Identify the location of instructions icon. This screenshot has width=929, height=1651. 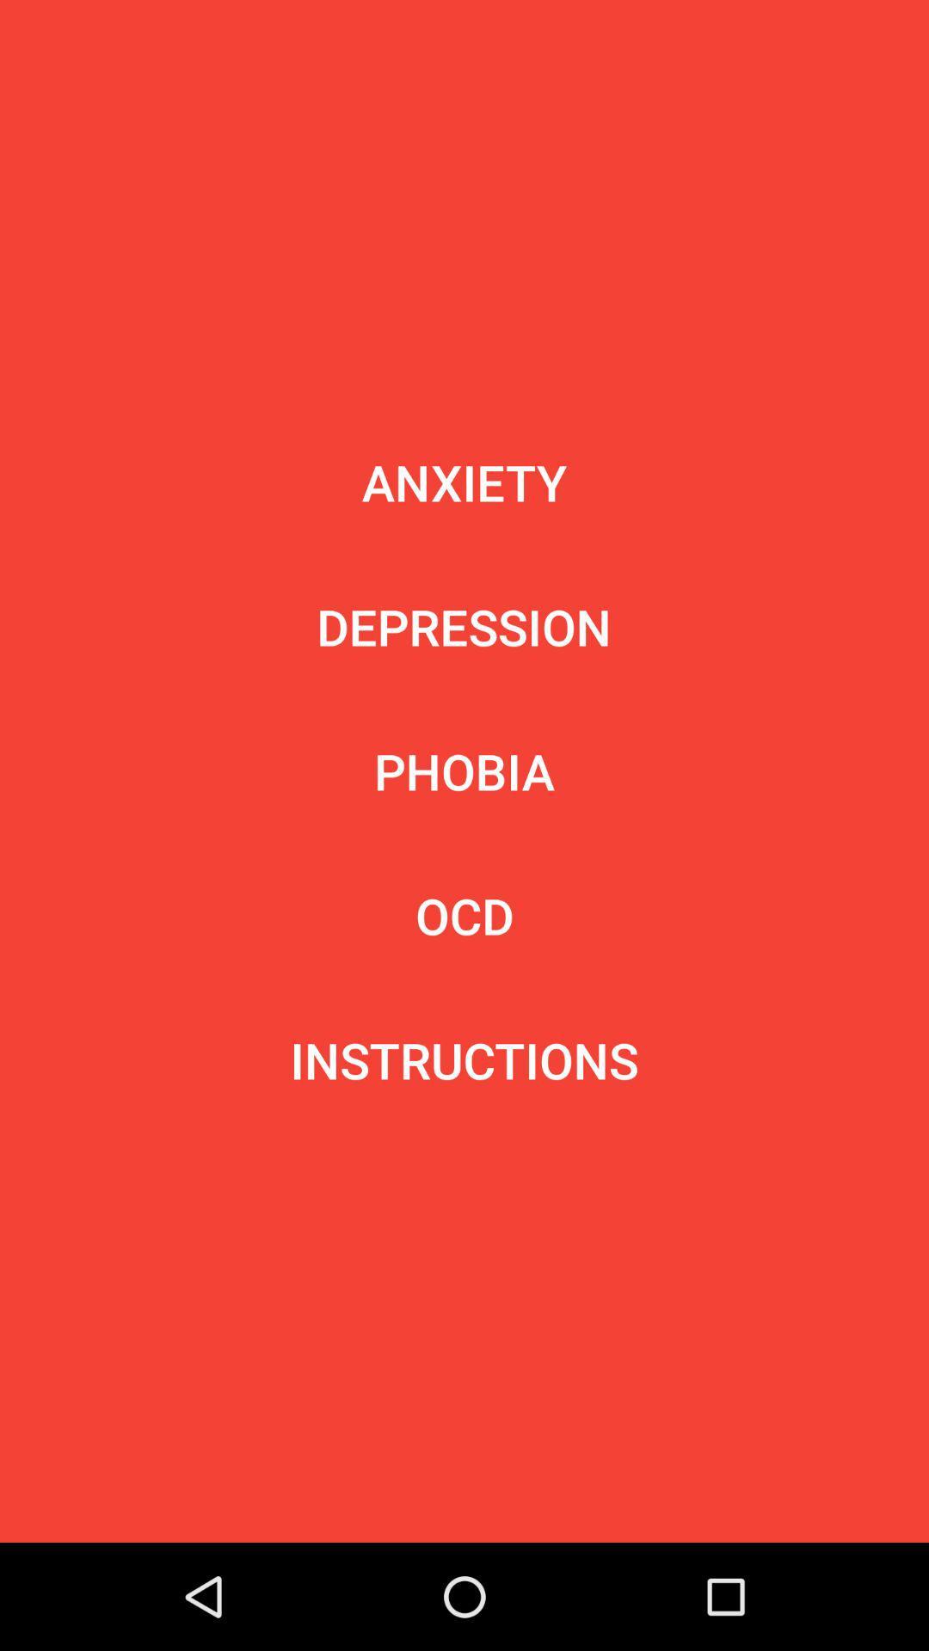
(464, 1059).